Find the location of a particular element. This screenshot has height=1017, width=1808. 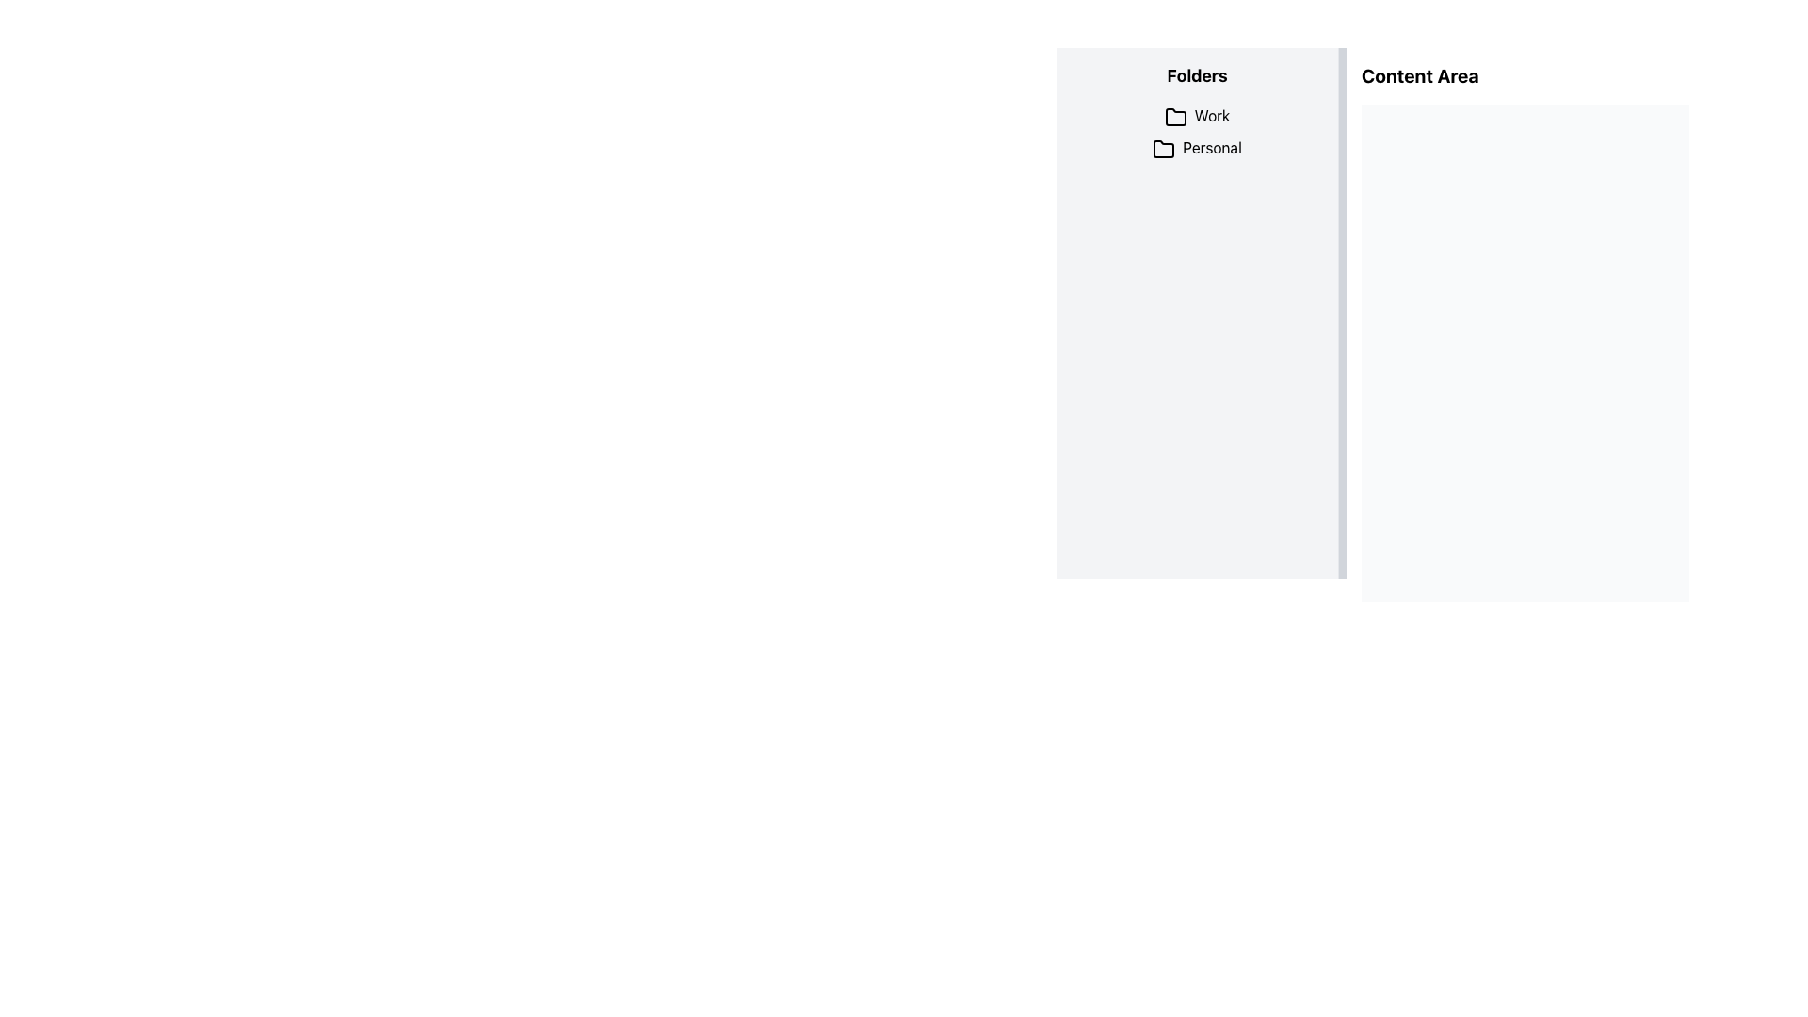

the folder icon representing 'Personal', which is the second icon in the 'Folders' section, positioned beside the text label 'Personal' is located at coordinates (1163, 148).